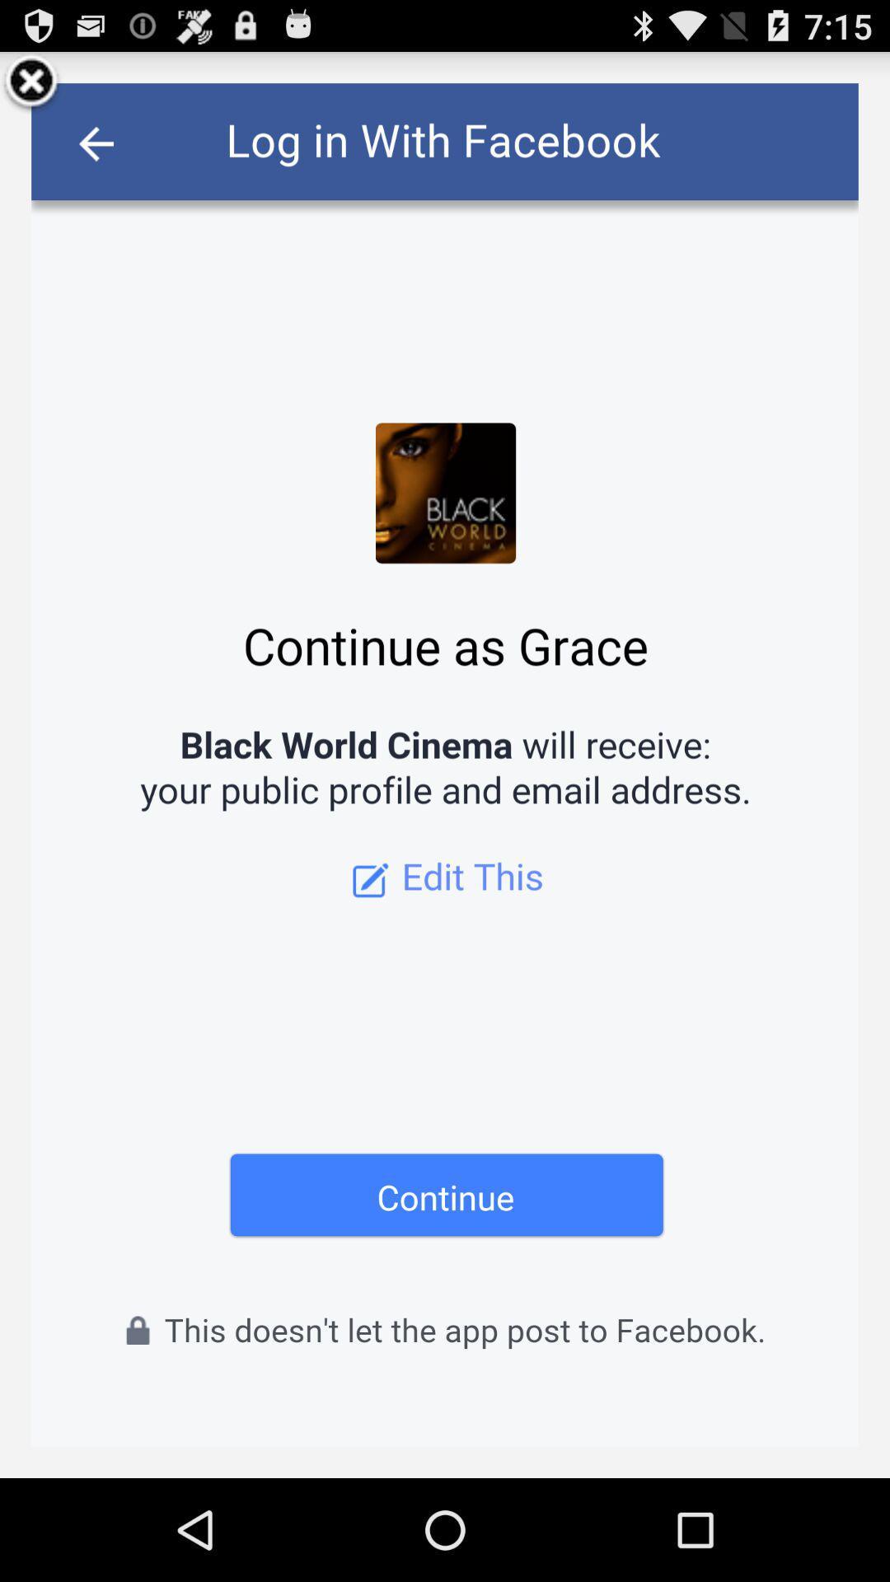 This screenshot has width=890, height=1582. What do you see at coordinates (445, 764) in the screenshot?
I see `login page` at bounding box center [445, 764].